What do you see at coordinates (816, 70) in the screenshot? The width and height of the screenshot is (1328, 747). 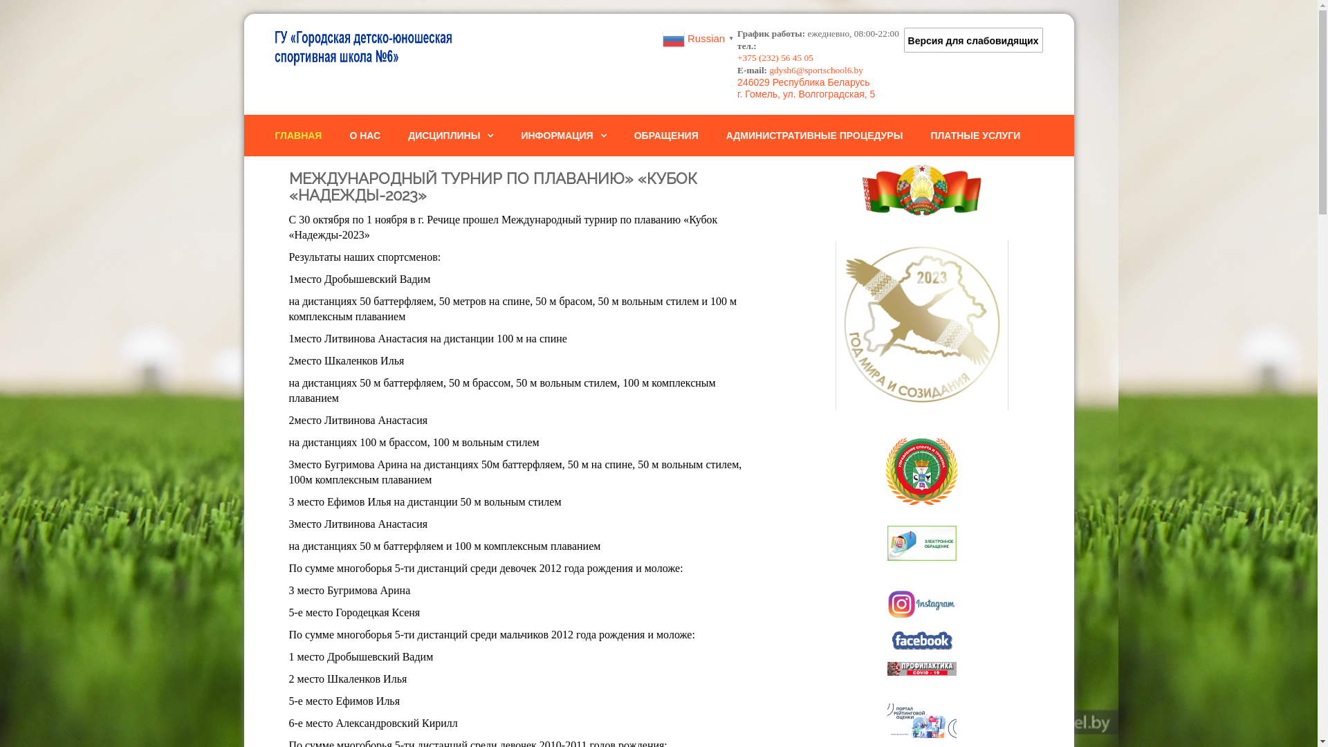 I see `'gdysh6@sportschool6.by'` at bounding box center [816, 70].